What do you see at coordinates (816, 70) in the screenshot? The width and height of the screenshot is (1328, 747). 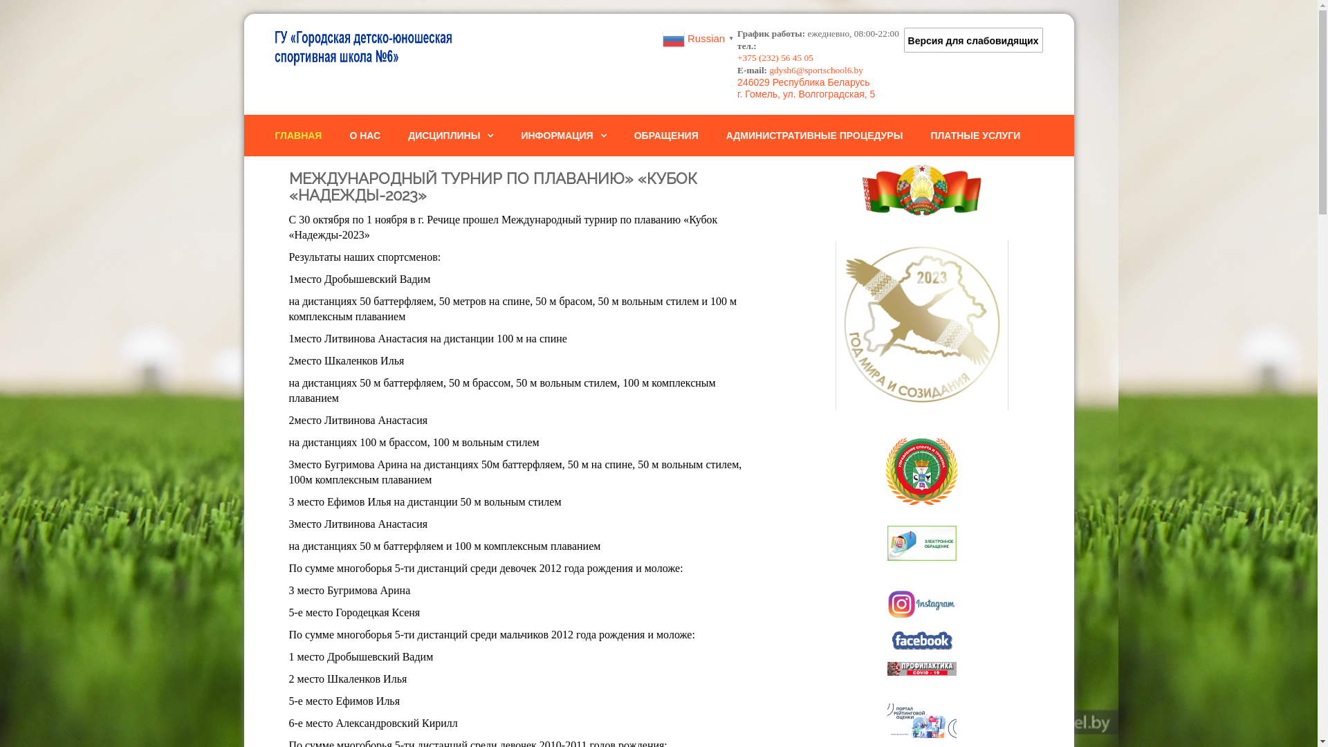 I see `'gdysh6@sportschool6.by'` at bounding box center [816, 70].